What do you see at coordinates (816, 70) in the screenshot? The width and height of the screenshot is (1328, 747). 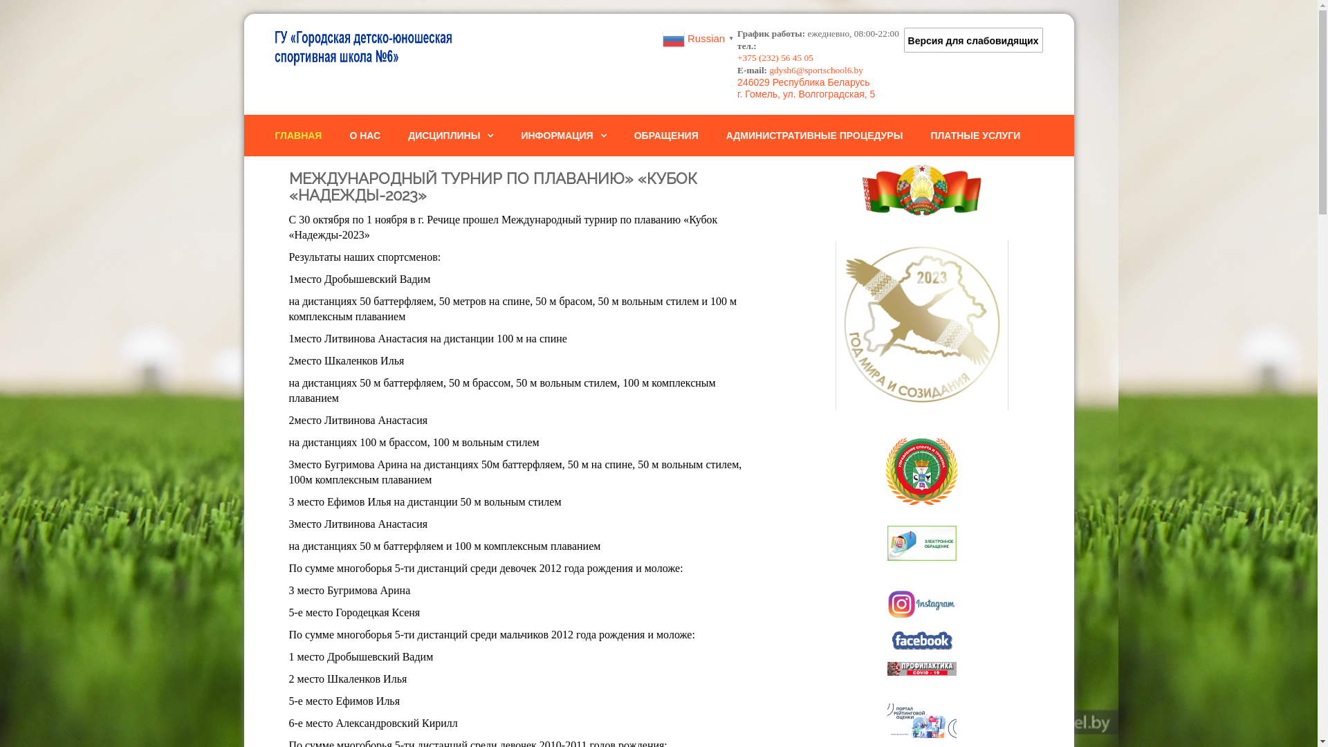 I see `'gdysh6@sportschool6.by'` at bounding box center [816, 70].